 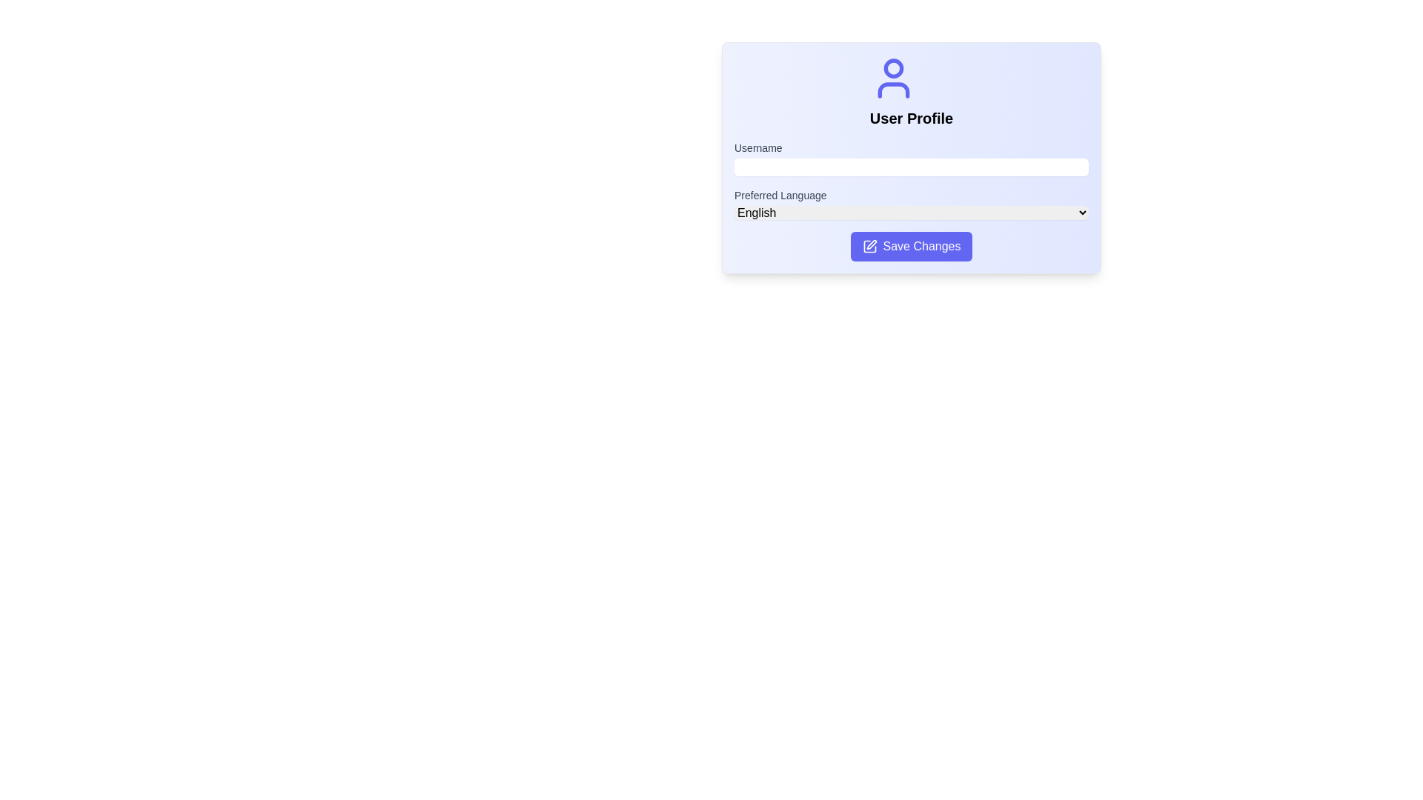 I want to click on the circular graphic element that is part of the user profile icon at the top of the card display labeled 'User Profile', so click(x=892, y=68).